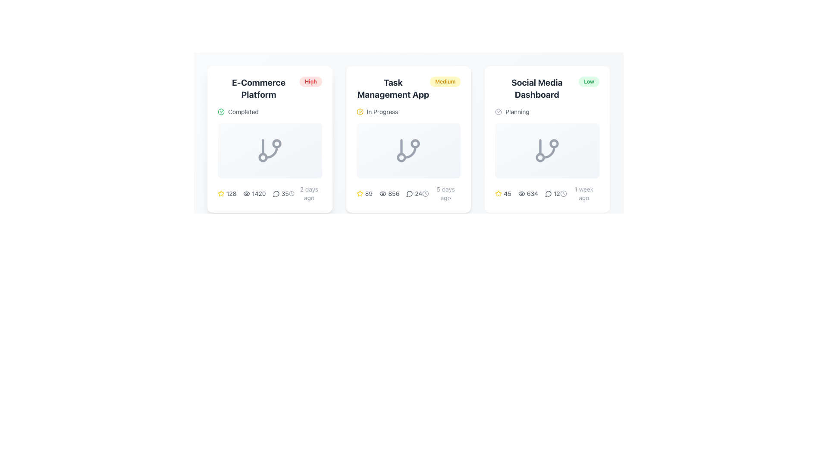 The width and height of the screenshot is (828, 465). What do you see at coordinates (445, 194) in the screenshot?
I see `the text indicating the time elapsed since the last update, located at the bottom-right corner of the third card in the series` at bounding box center [445, 194].